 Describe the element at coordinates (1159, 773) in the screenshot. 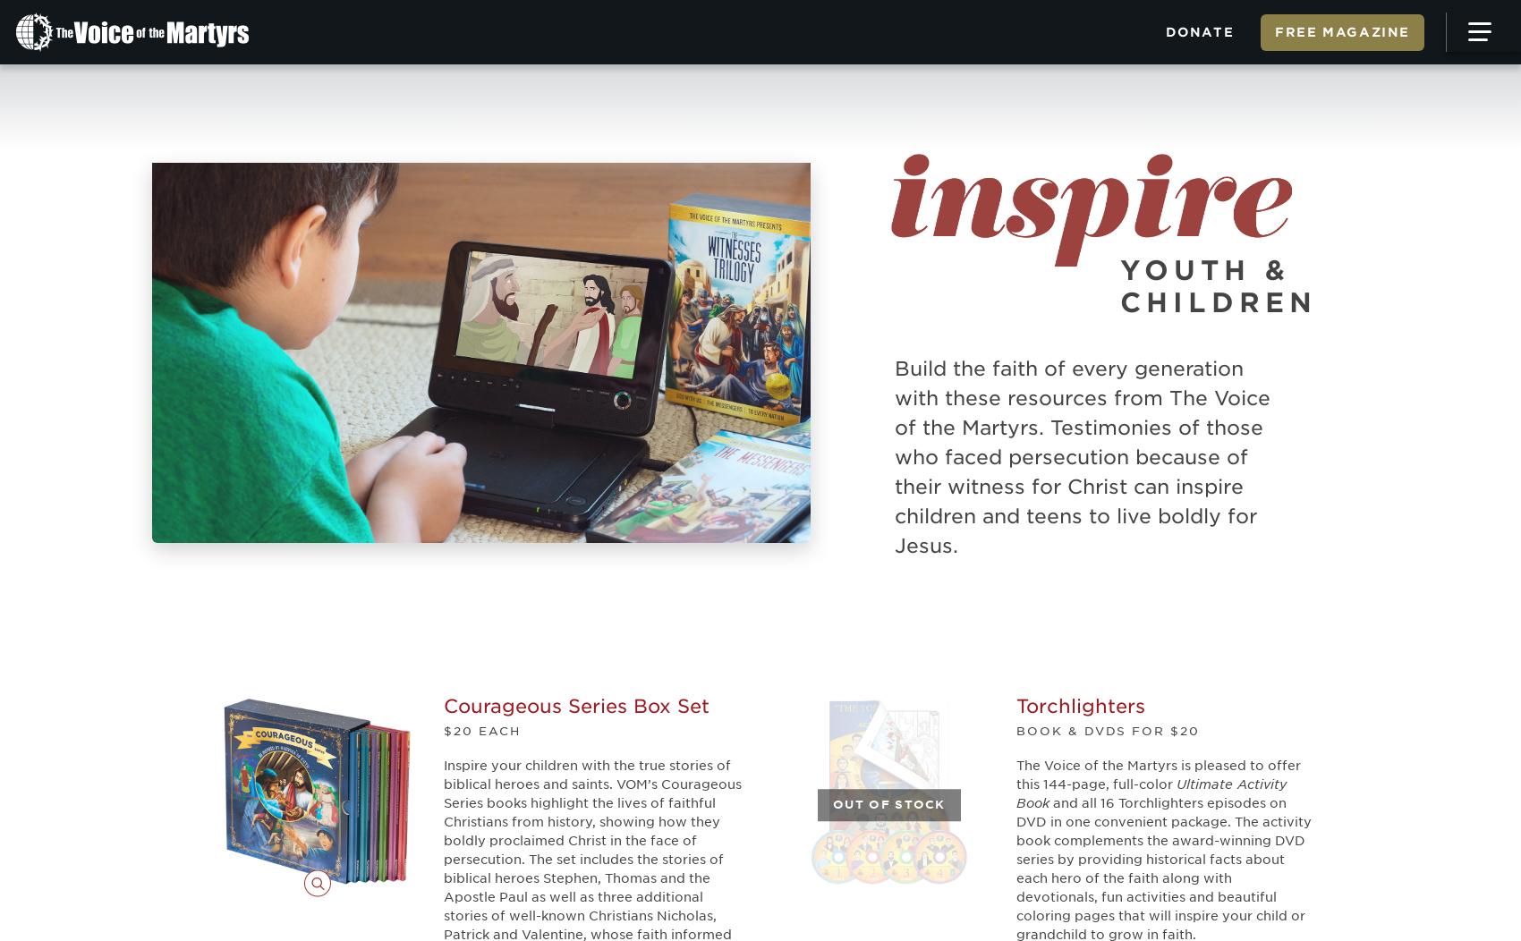

I see `'The Voice of the Martyrs is pleased to offer this 144-page, full-color'` at that location.